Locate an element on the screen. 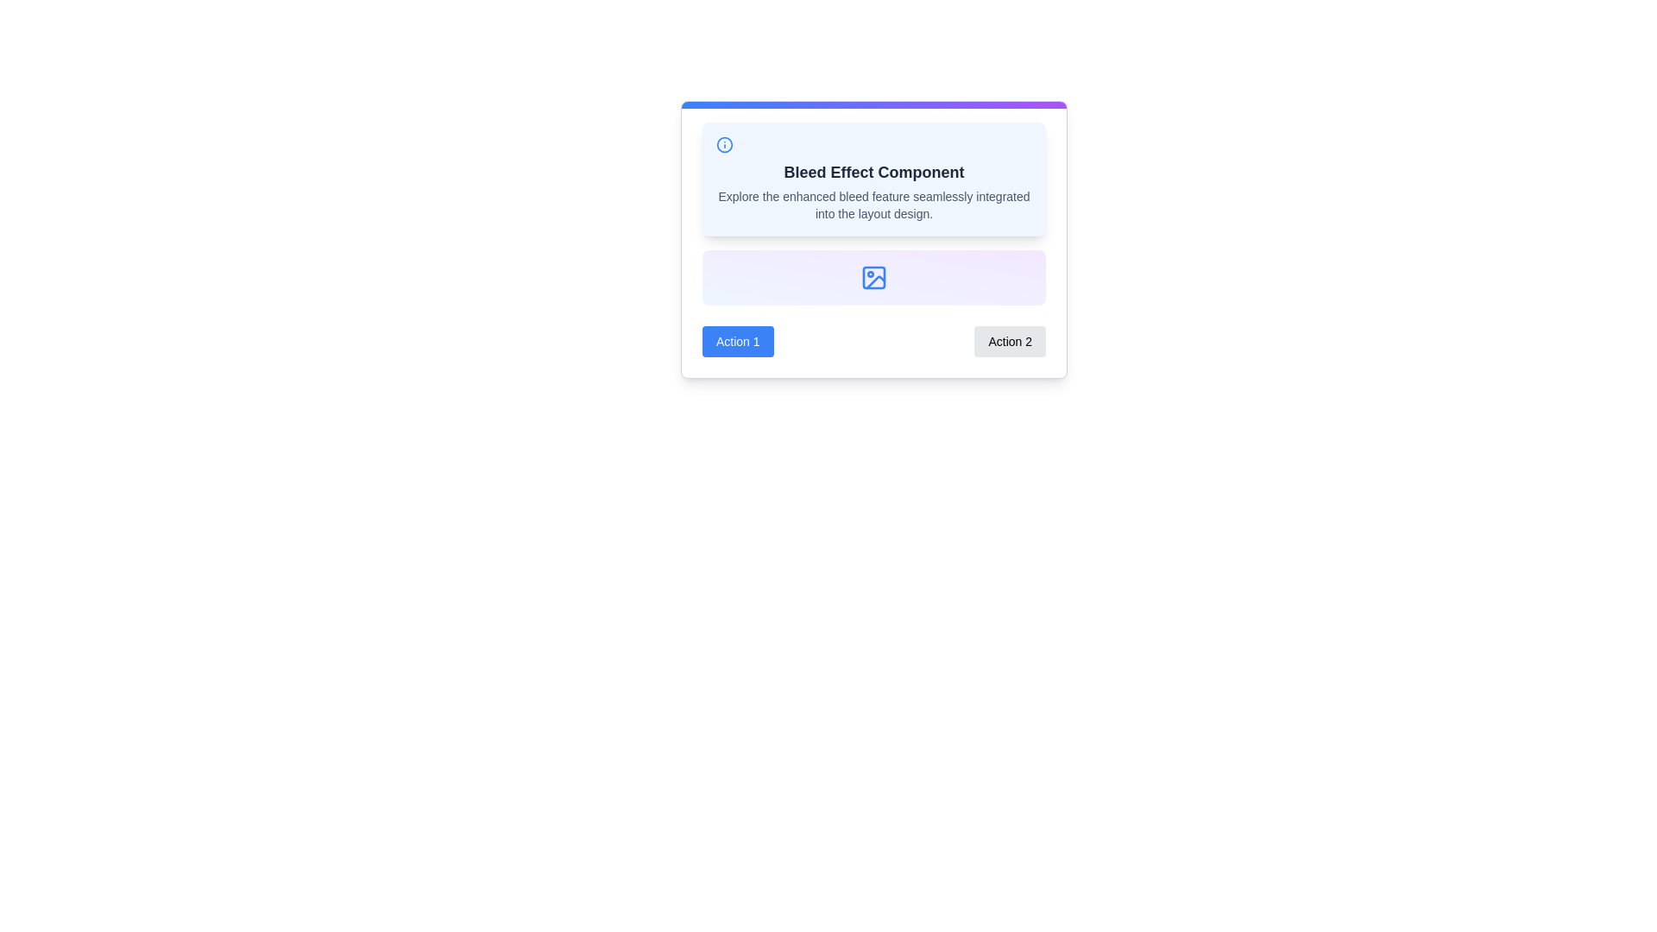 This screenshot has width=1657, height=932. the button labeled 'Action 1' with a blue background is located at coordinates (738, 342).